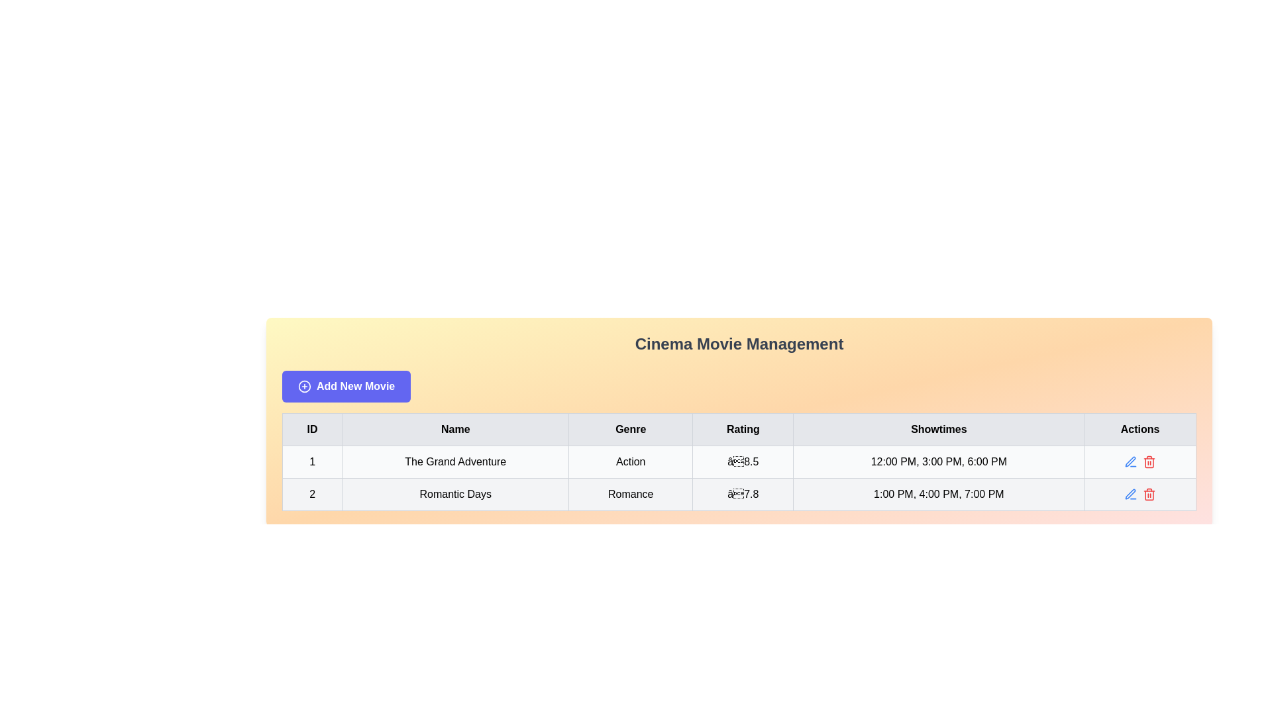  I want to click on the delete icon button located in the 'Actions' column of the second row in the data table, so click(1149, 461).